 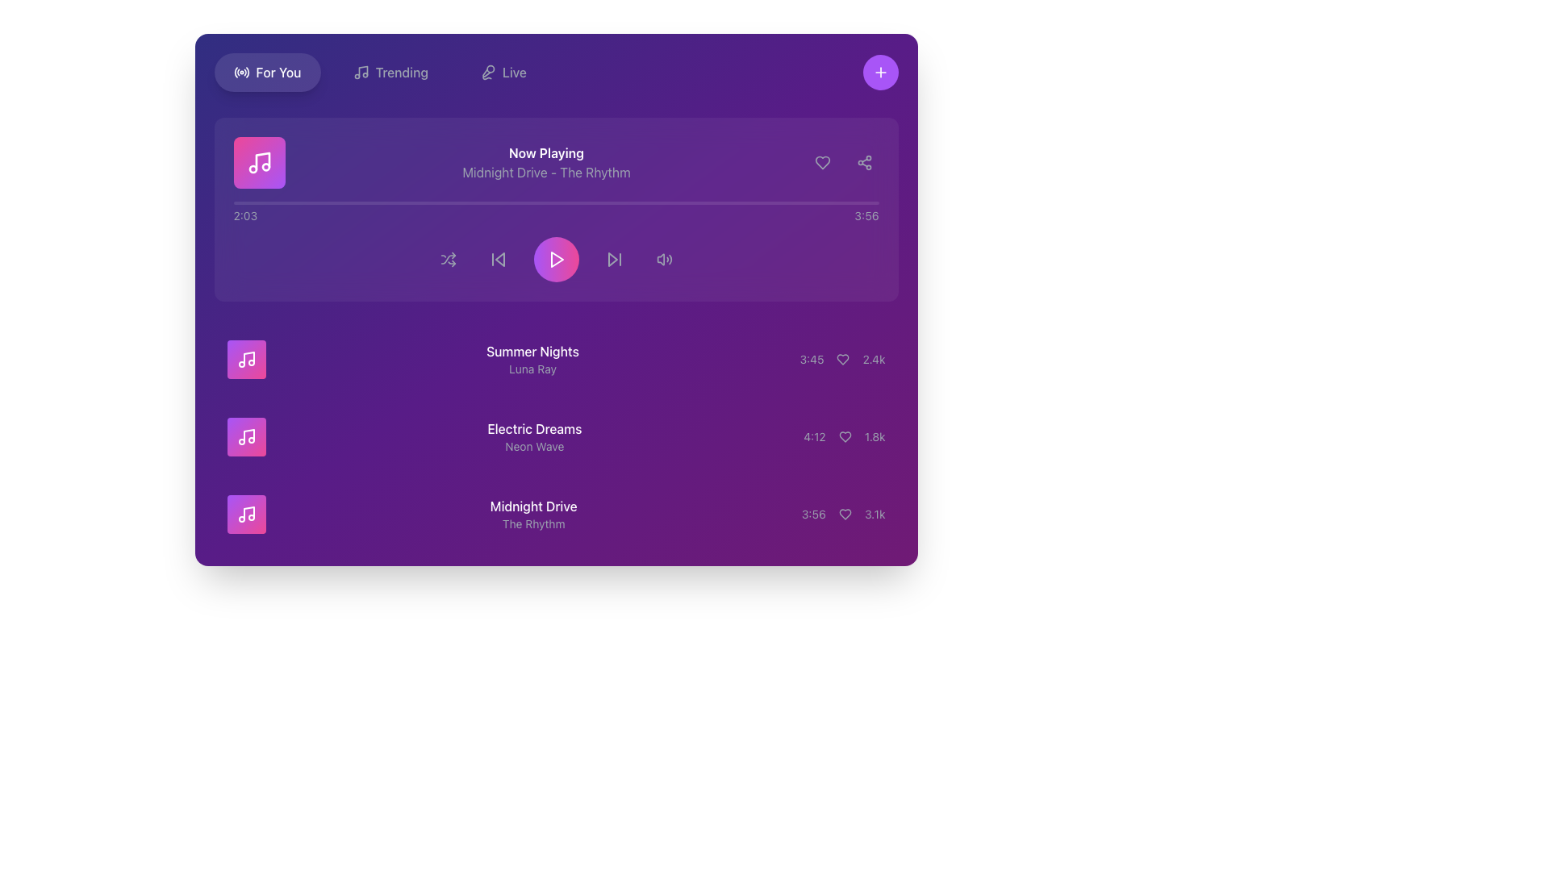 I want to click on playback position, so click(x=514, y=202).